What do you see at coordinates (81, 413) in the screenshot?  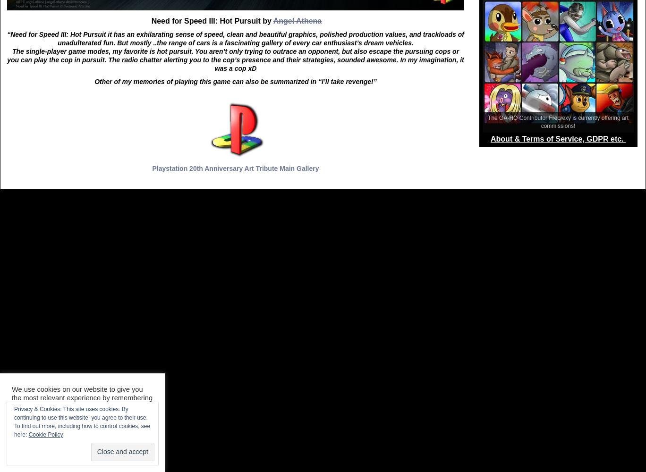 I see `'Privacy & Cookies: This site uses cookies. By continuing to use this website, you agree to their use.'` at bounding box center [81, 413].